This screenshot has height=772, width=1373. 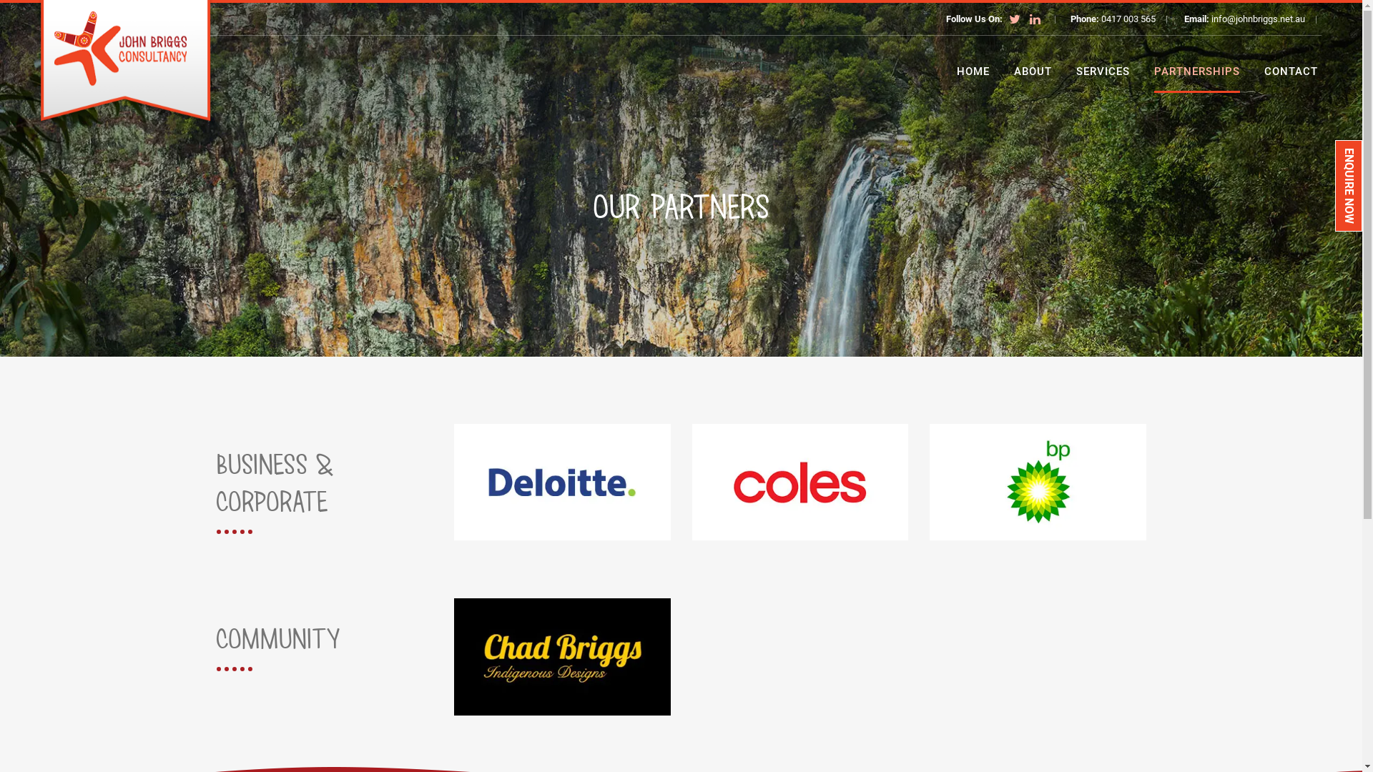 What do you see at coordinates (1033, 71) in the screenshot?
I see `'ABOUT'` at bounding box center [1033, 71].